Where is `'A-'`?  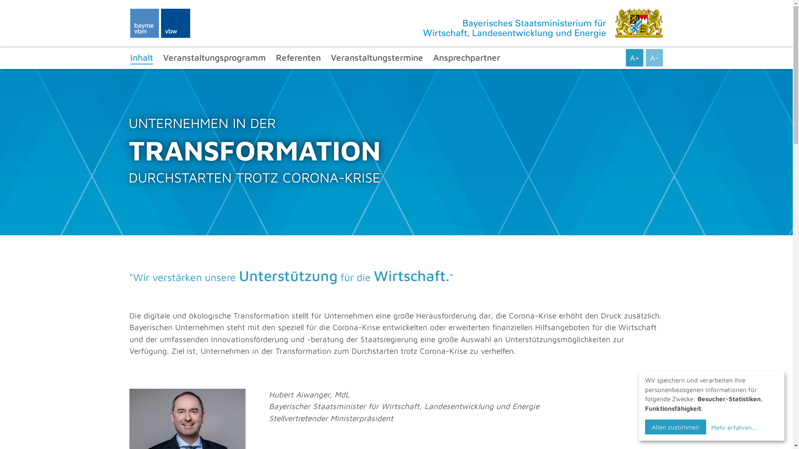
'A-' is located at coordinates (654, 57).